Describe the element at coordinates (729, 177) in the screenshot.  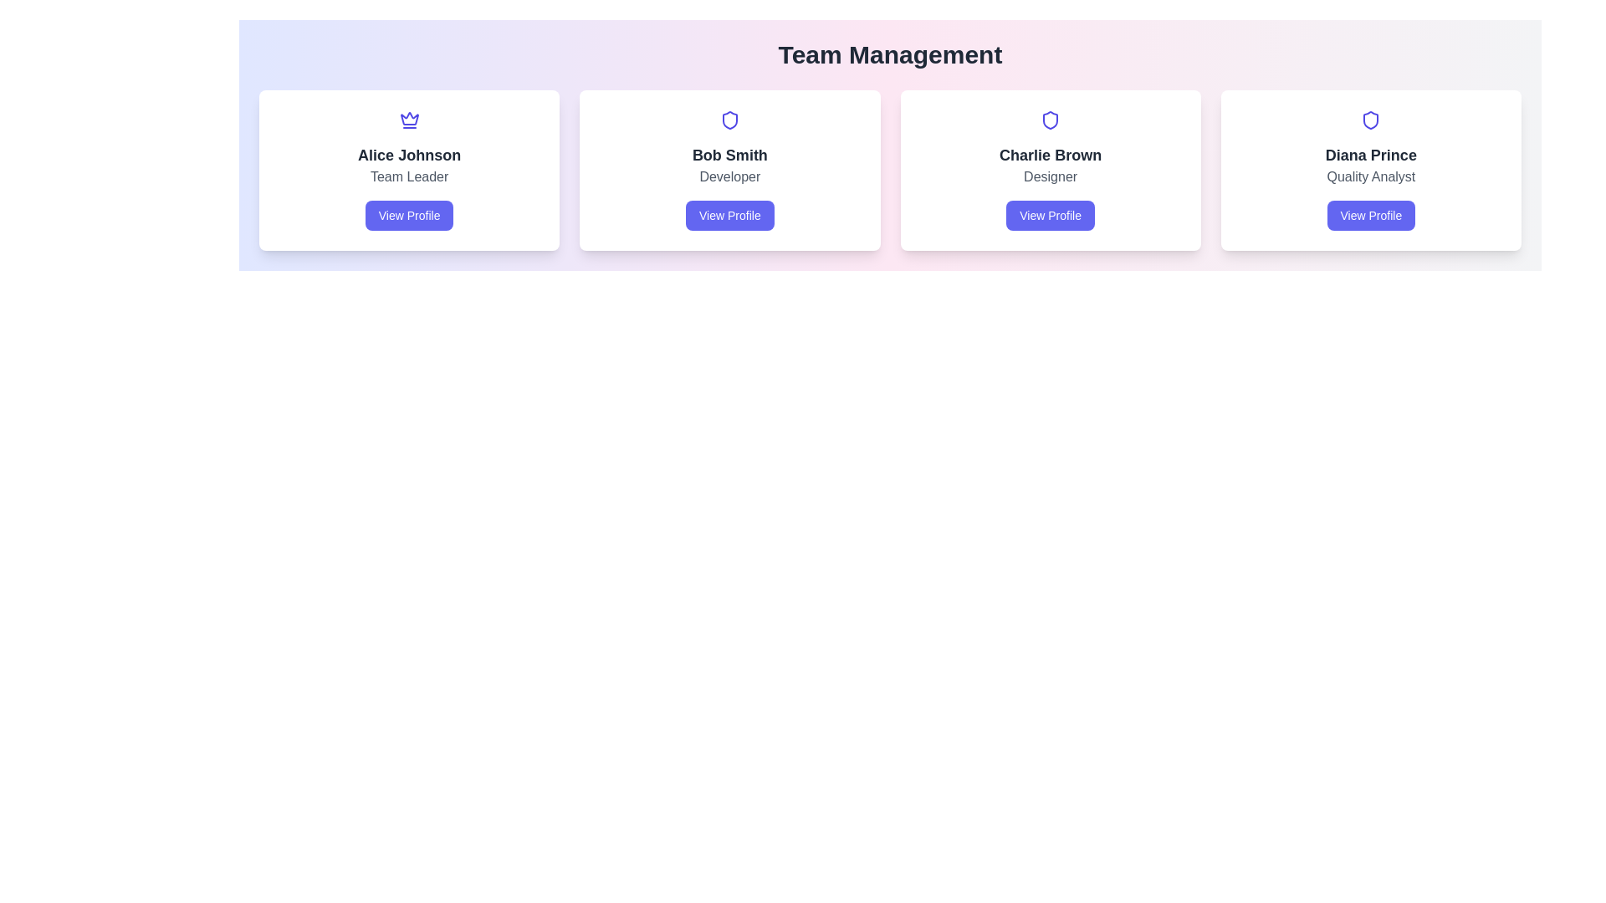
I see `the static text label displaying 'Developer', which is styled in gray and located within the card titled 'Bob Smith', positioned below the name label and above the 'View Profile' button` at that location.